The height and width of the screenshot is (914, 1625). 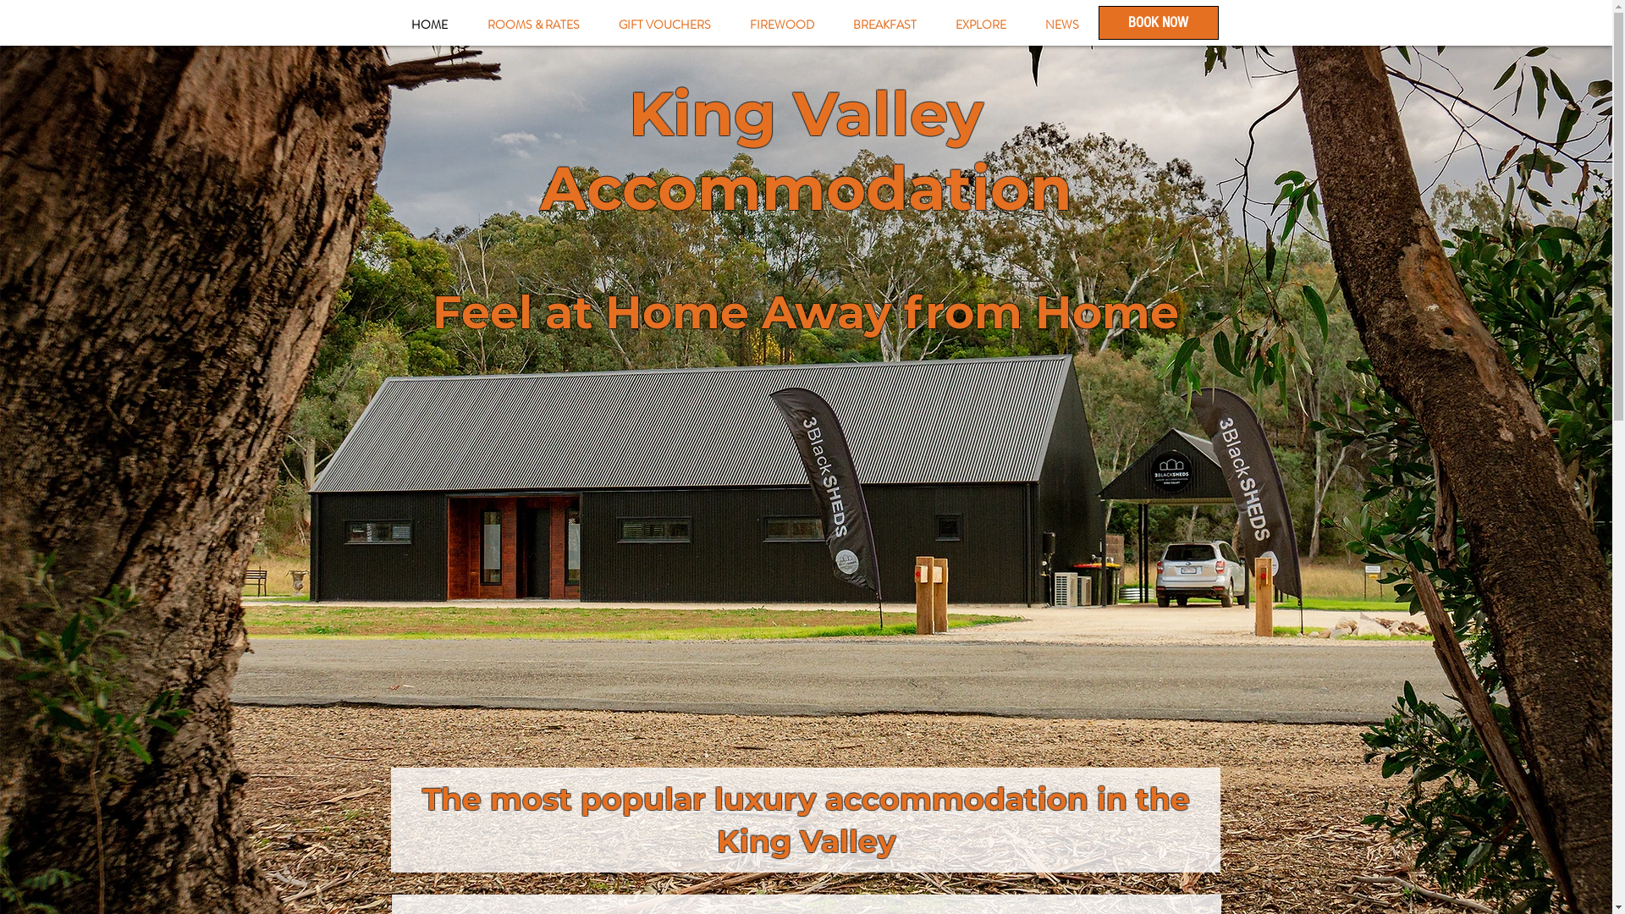 What do you see at coordinates (599, 25) in the screenshot?
I see `'GIFT VOUCHERS'` at bounding box center [599, 25].